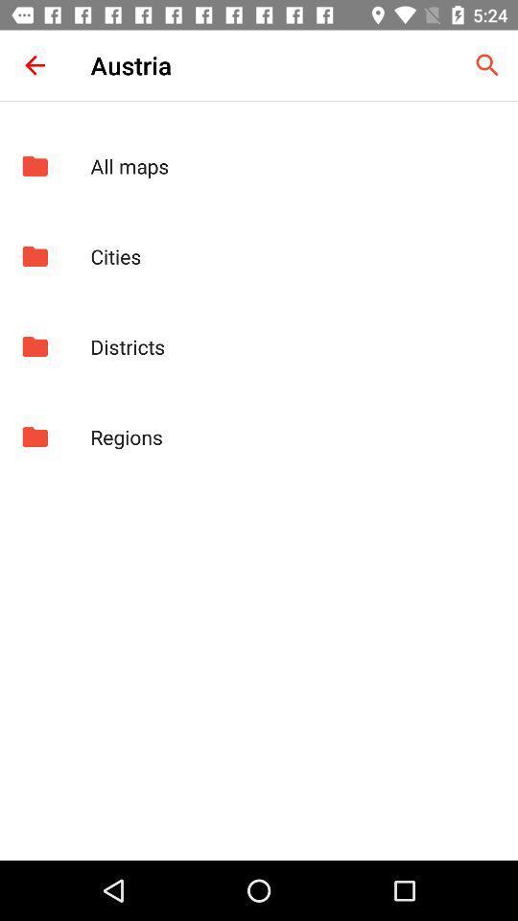 This screenshot has width=518, height=921. Describe the element at coordinates (35, 255) in the screenshot. I see `app next to the cities` at that location.